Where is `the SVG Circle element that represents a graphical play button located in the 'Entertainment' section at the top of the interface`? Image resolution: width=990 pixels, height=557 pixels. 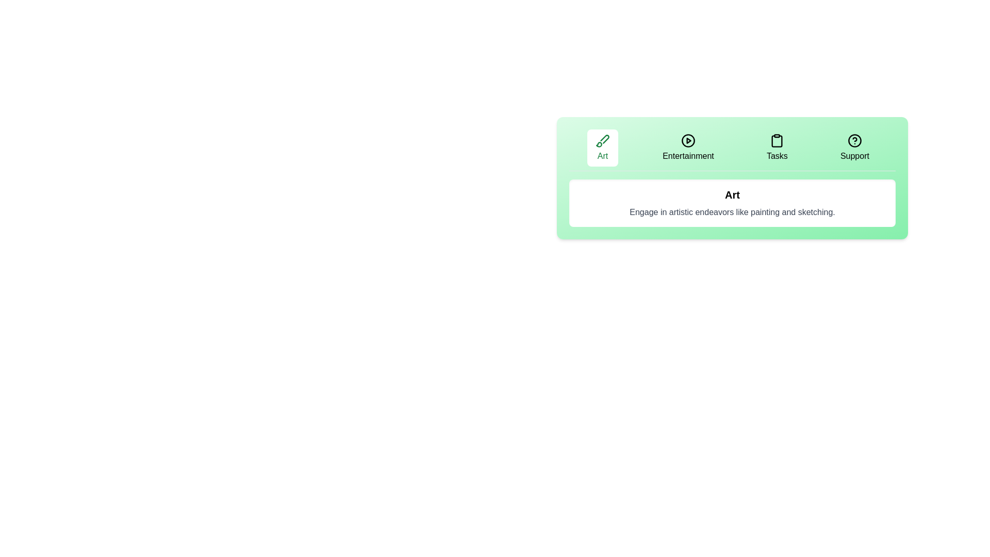 the SVG Circle element that represents a graphical play button located in the 'Entertainment' section at the top of the interface is located at coordinates (688, 141).